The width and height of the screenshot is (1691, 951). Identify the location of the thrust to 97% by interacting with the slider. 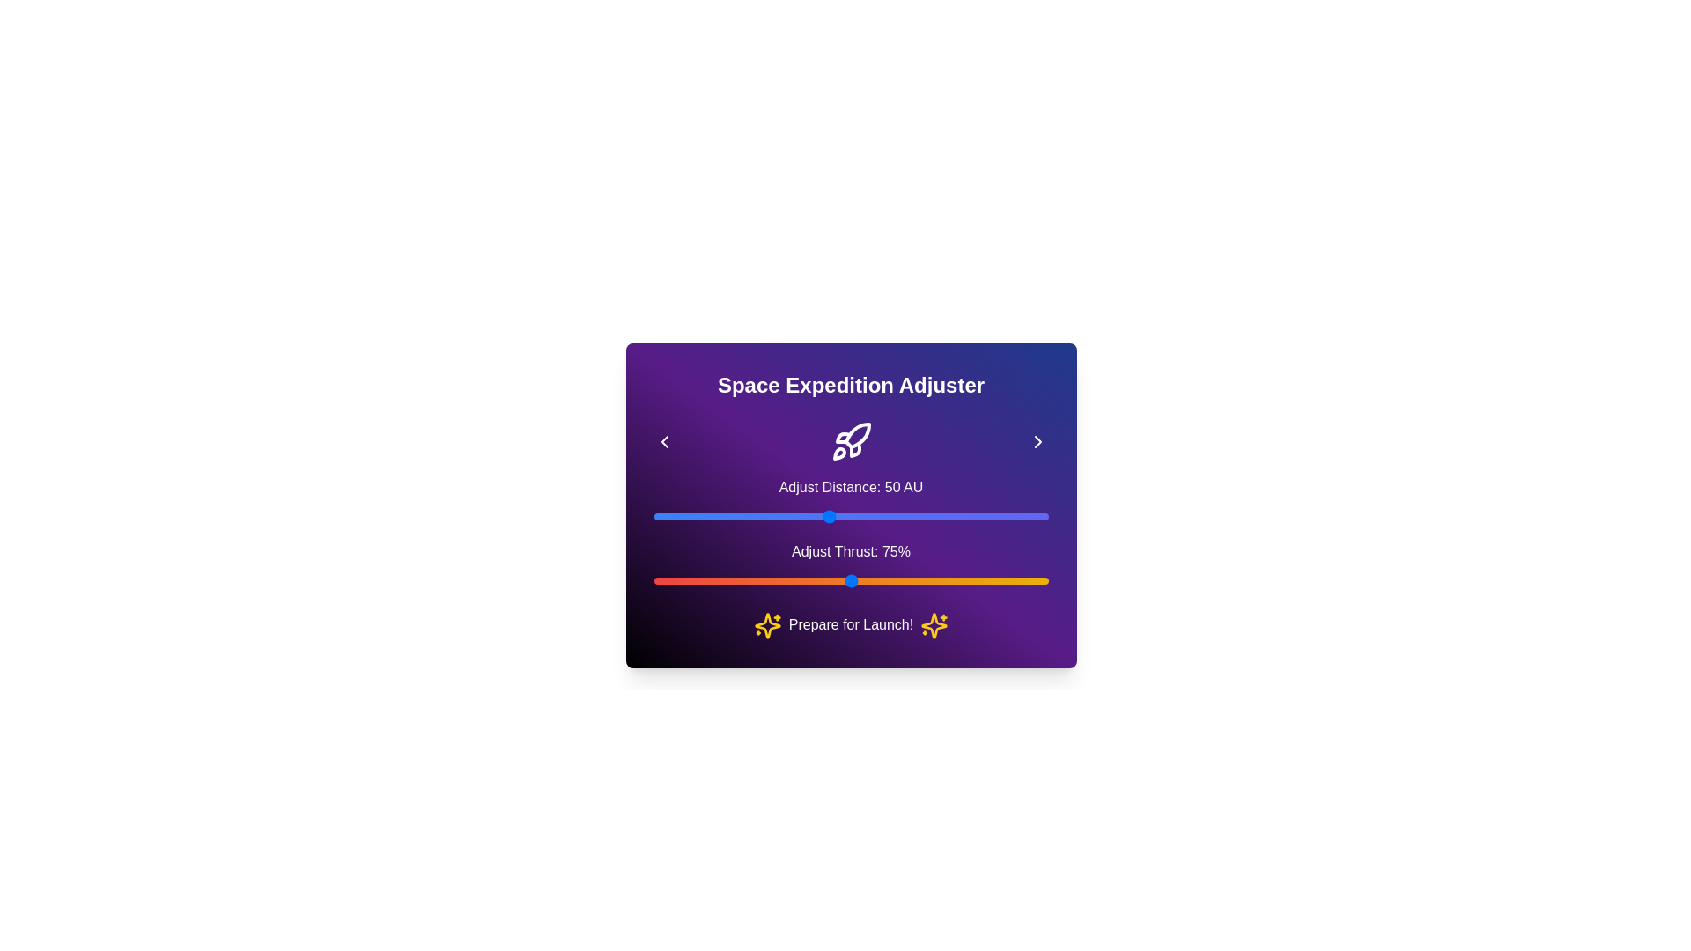
(1024, 580).